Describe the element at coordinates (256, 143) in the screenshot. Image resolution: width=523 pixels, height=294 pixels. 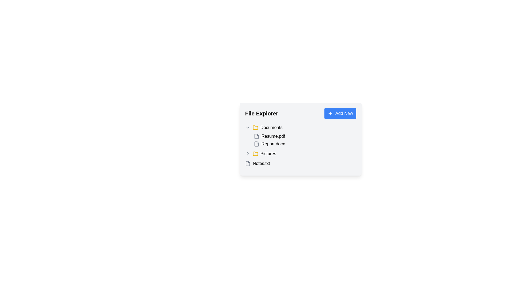
I see `the icon representing the file 'Report.docx' located` at that location.